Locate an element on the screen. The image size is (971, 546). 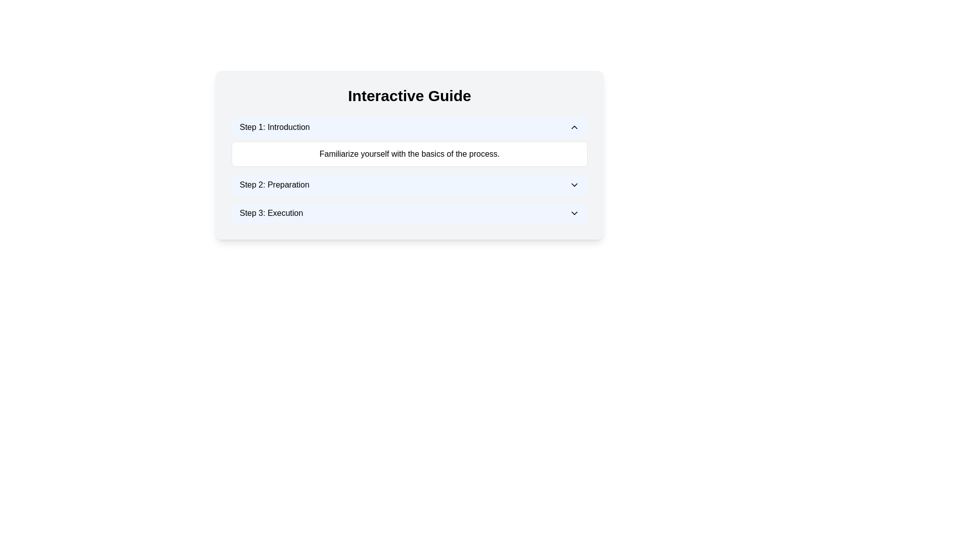
the Dropdown Toggle Button located below 'Step 1: Introduction' and above 'Step 3: Execution' in the Interactive Guide is located at coordinates (410, 185).